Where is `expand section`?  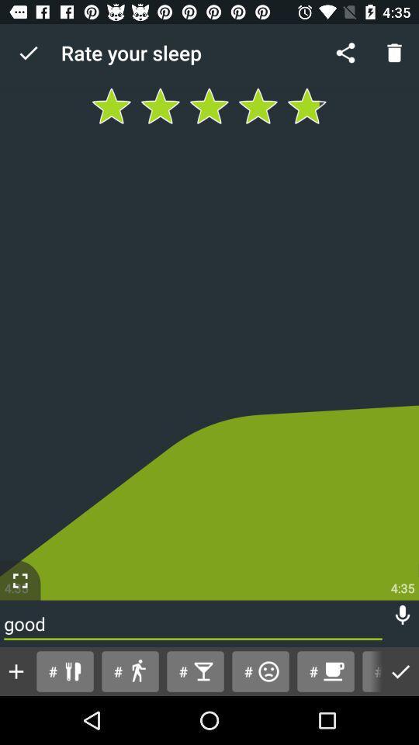 expand section is located at coordinates (19, 580).